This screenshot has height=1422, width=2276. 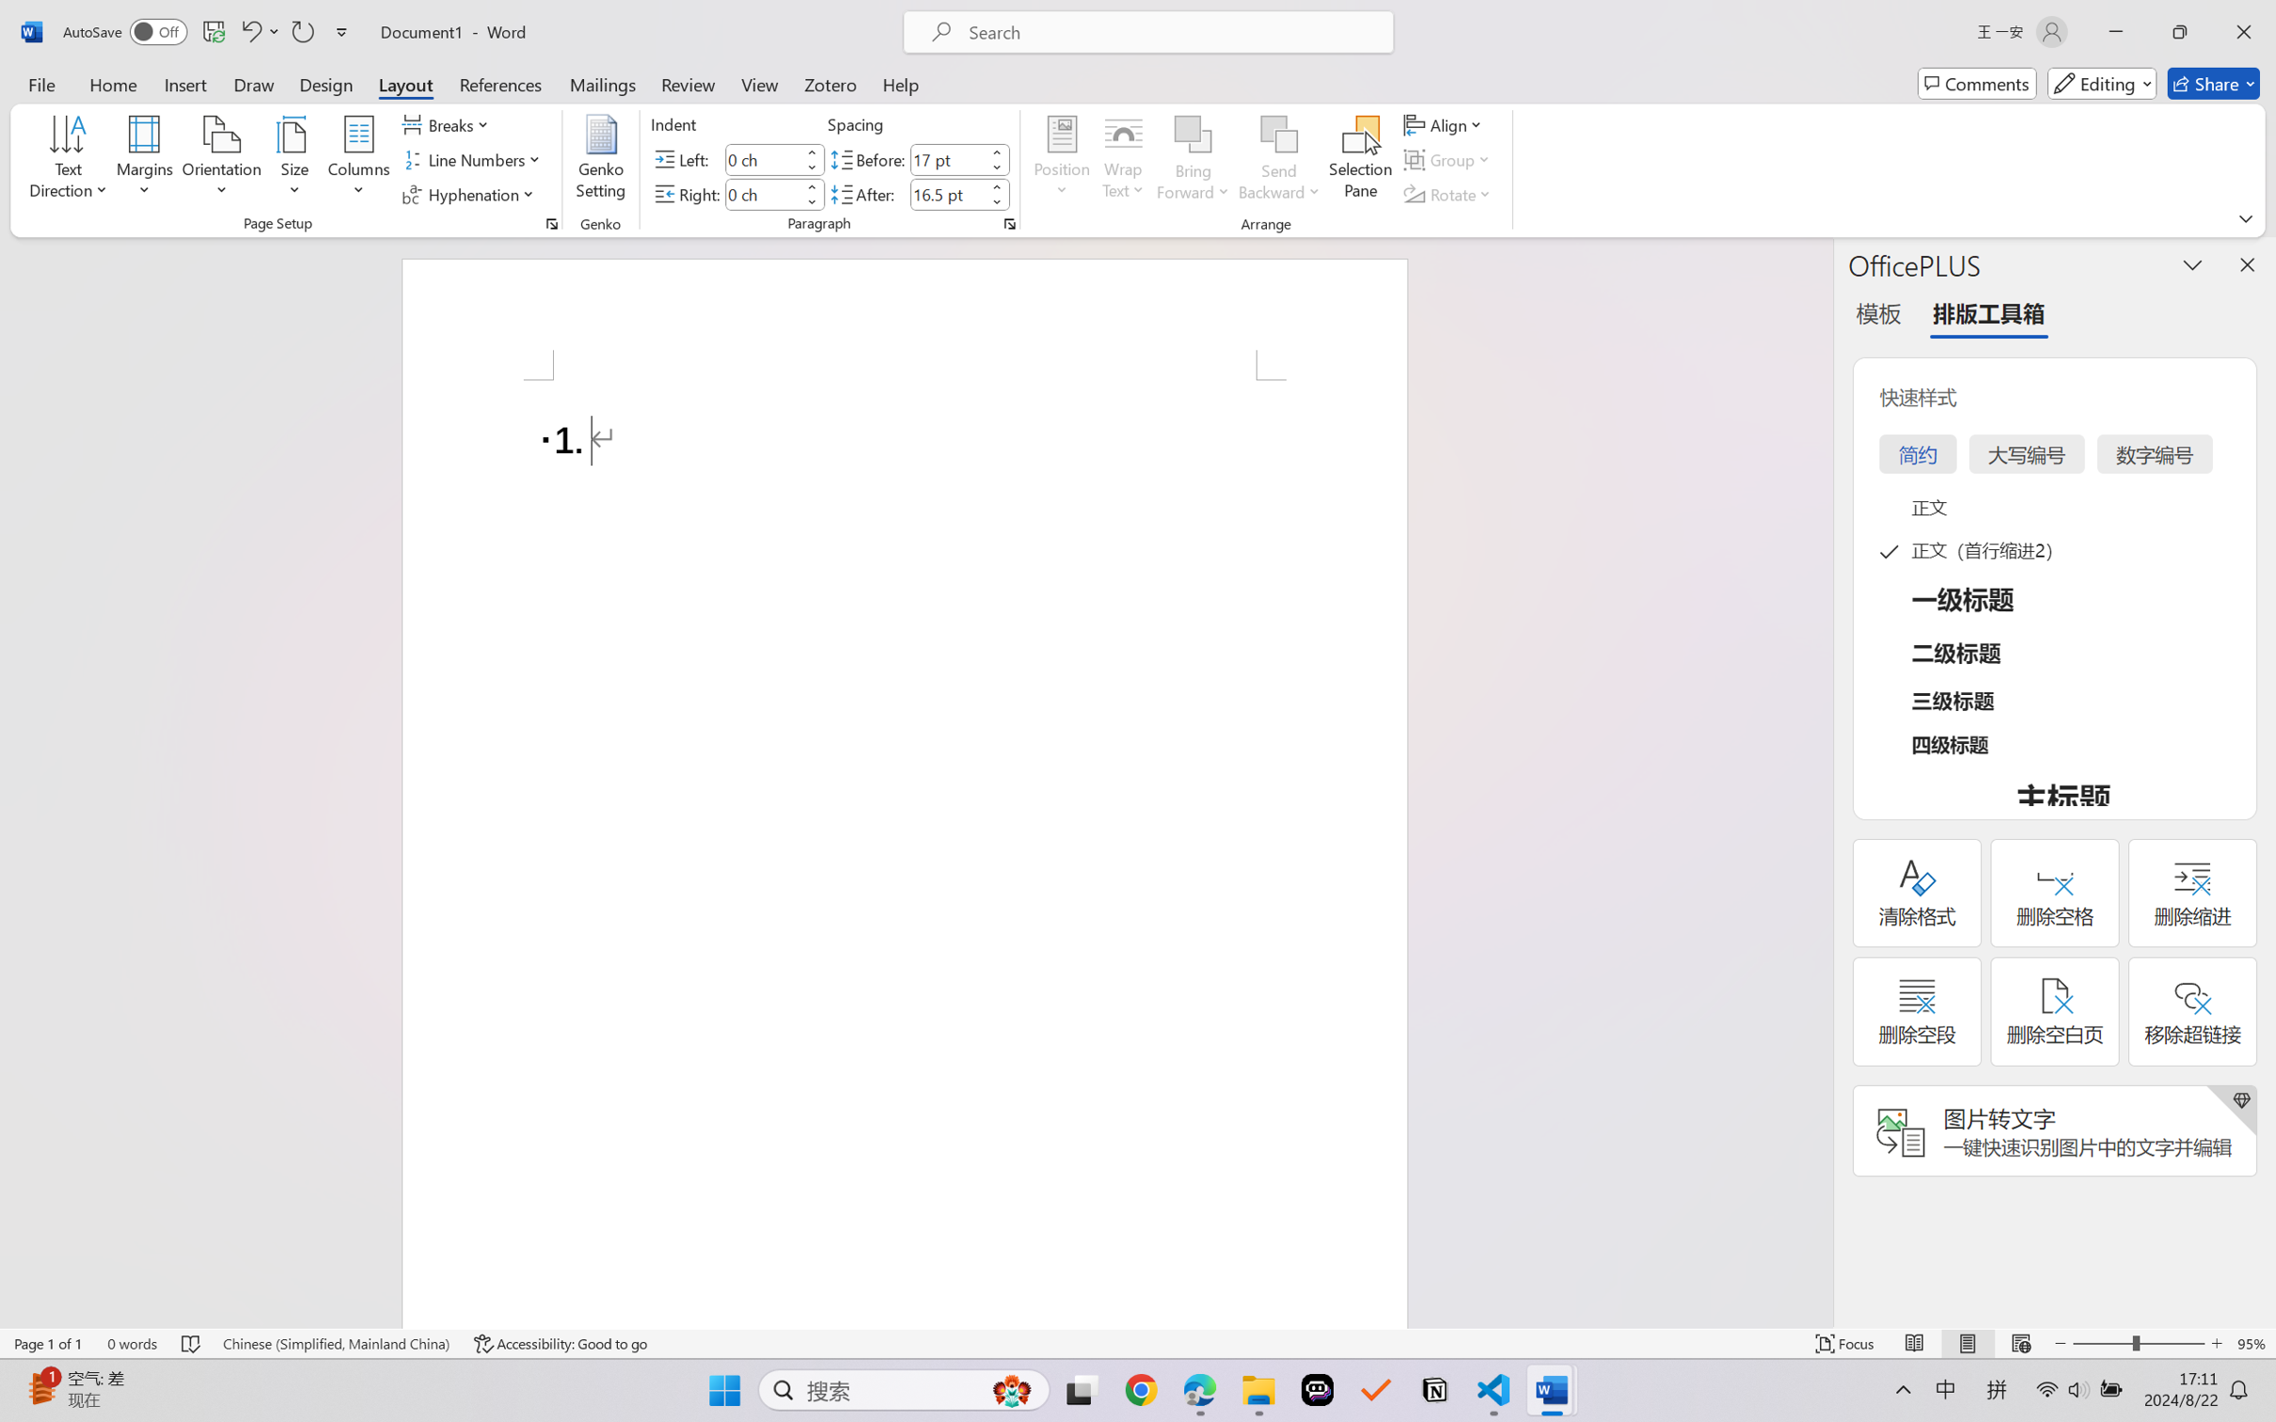 I want to click on 'Size', so click(x=295, y=160).